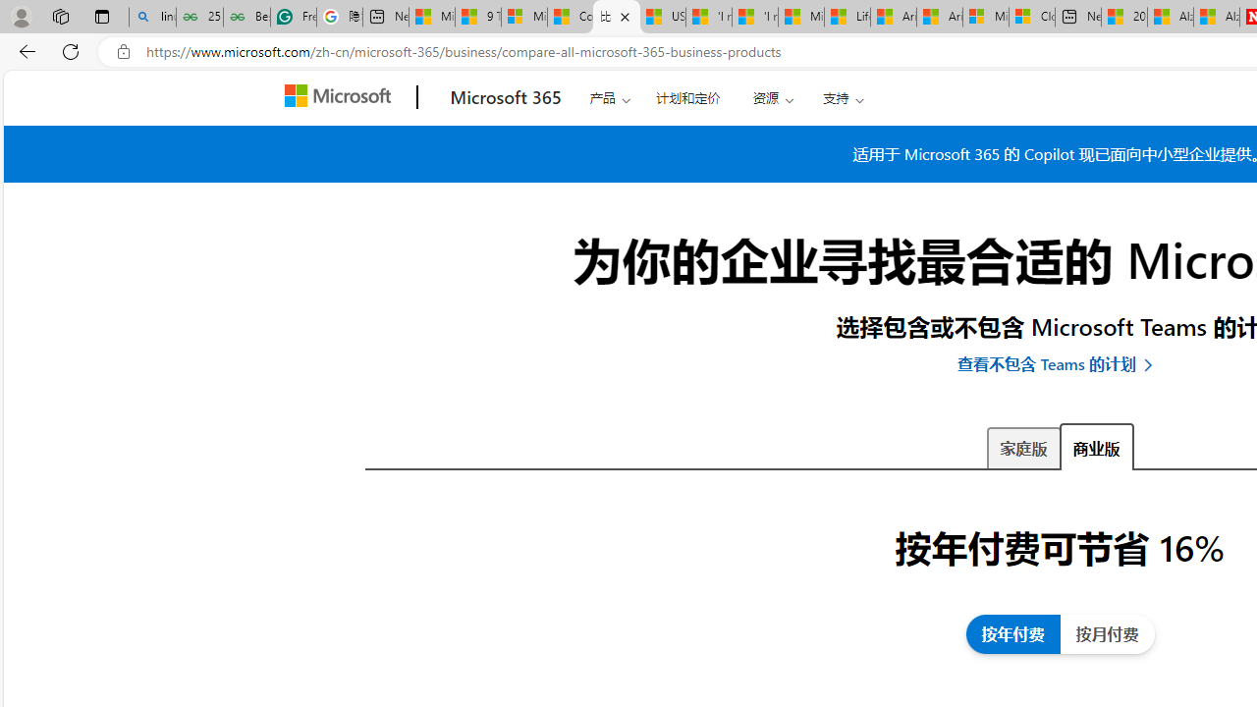 The height and width of the screenshot is (707, 1257). I want to click on '25 Basic Linux Commands For Beginners - GeeksforGeeks', so click(199, 17).